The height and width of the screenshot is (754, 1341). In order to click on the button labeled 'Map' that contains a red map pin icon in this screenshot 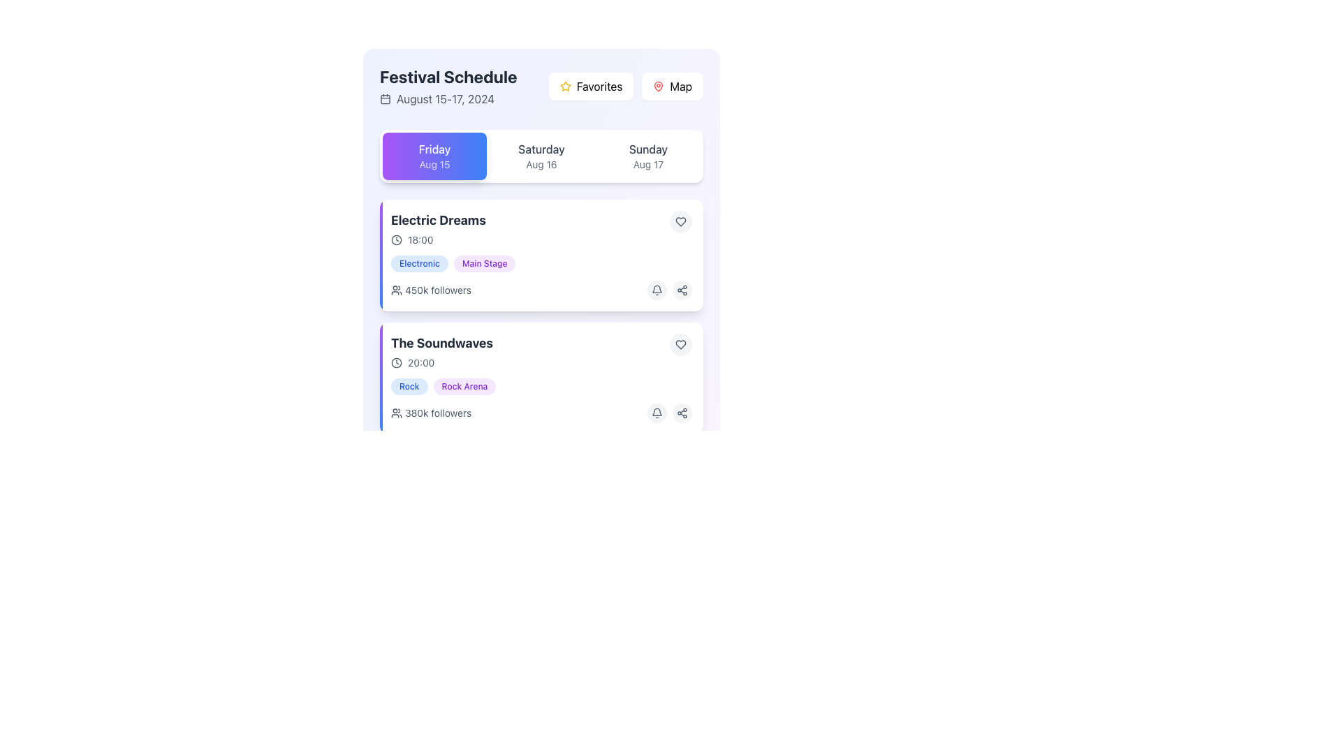, I will do `click(658, 86)`.